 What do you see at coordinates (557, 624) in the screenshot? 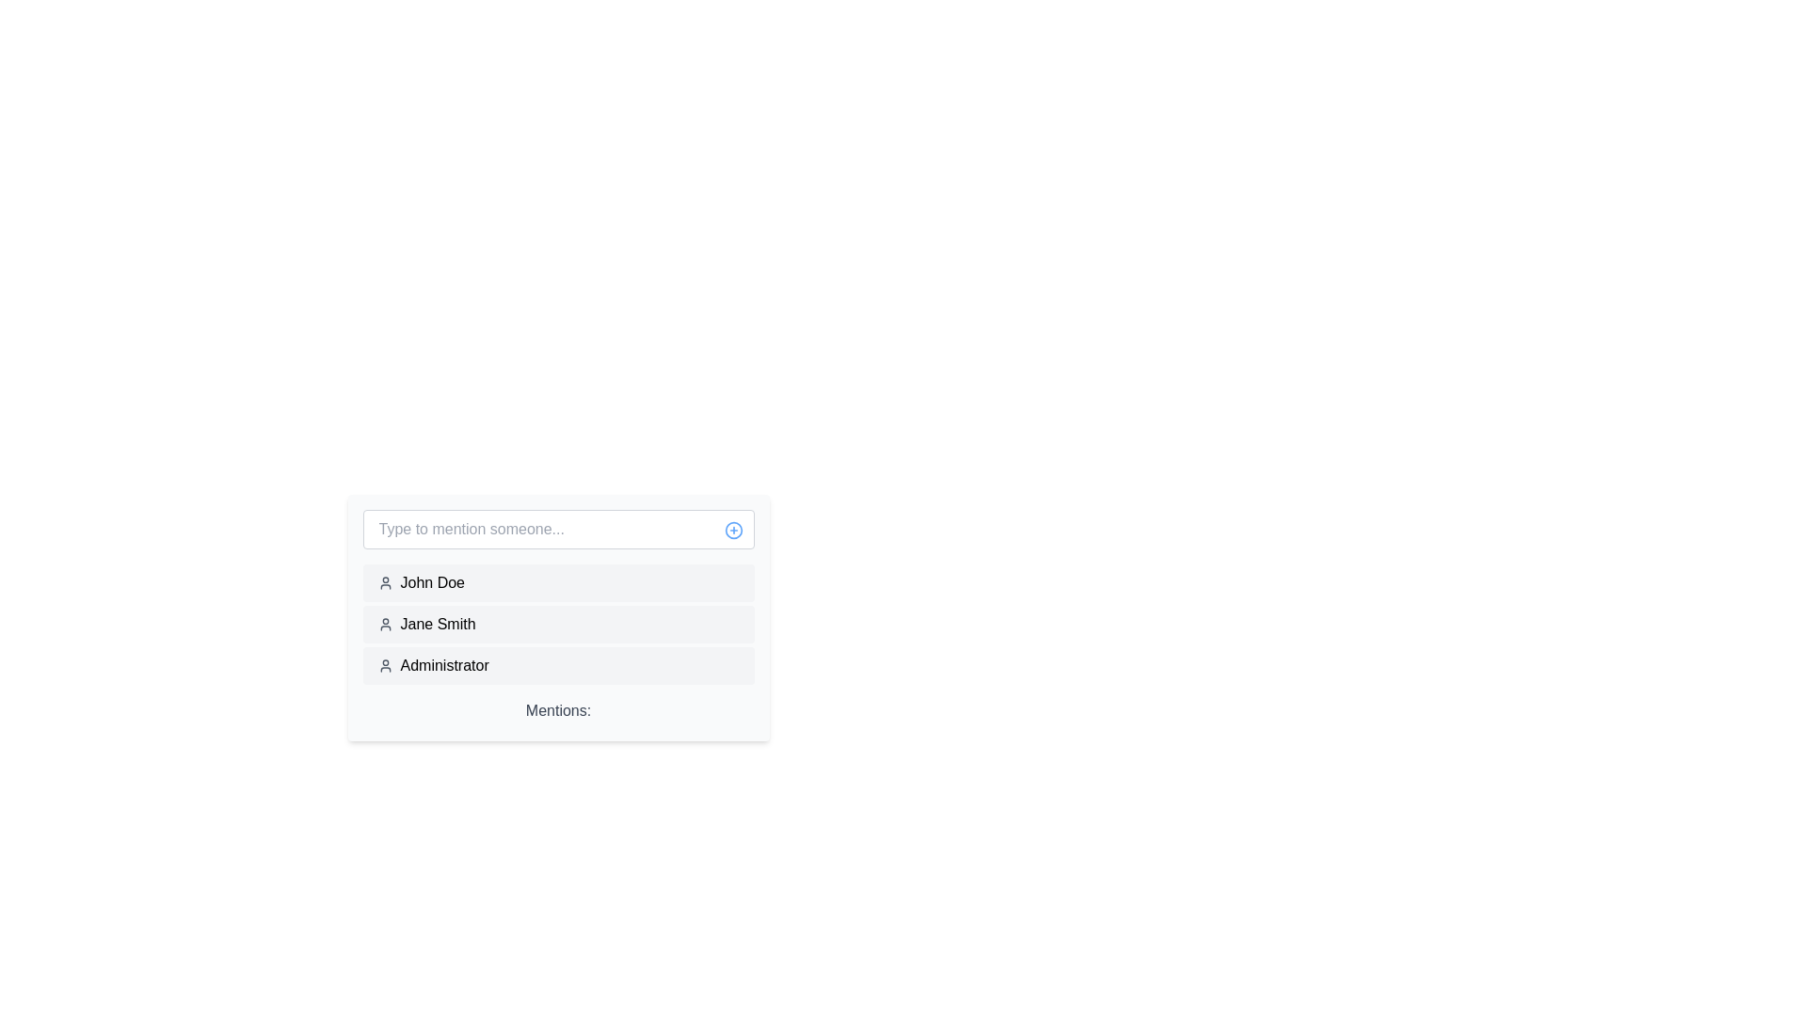
I see `the highlighted list item in the dropdown menu labeled 'Jane Smith'` at bounding box center [557, 624].